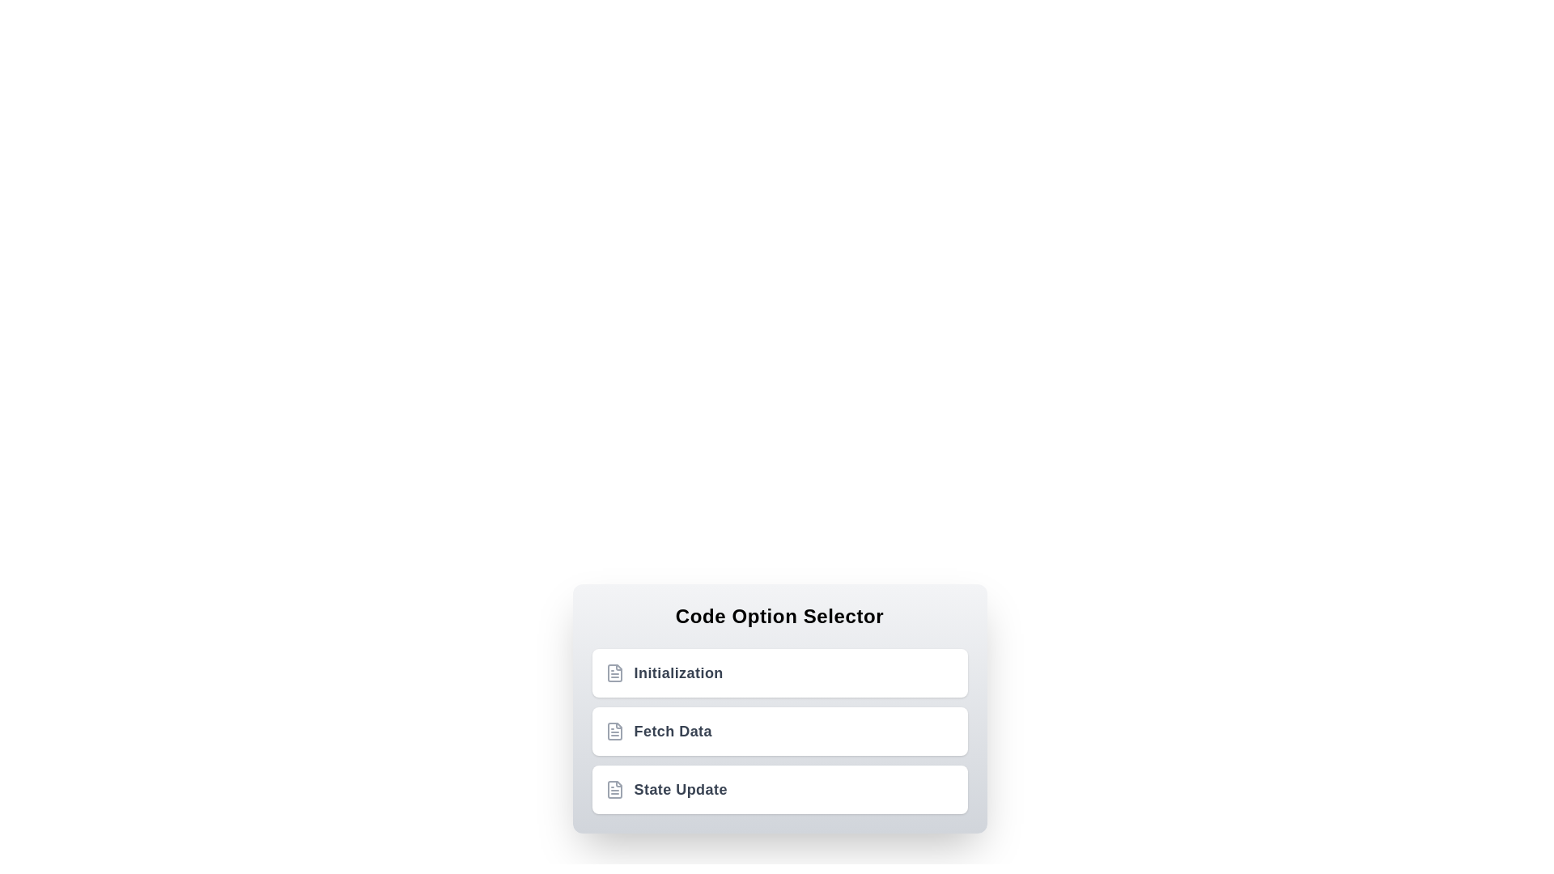  Describe the element at coordinates (614, 673) in the screenshot. I see `the icon associated with the 'Initialization' option in the 'Code Option Selector' list, positioned to the left of the 'Initialization' text` at that location.